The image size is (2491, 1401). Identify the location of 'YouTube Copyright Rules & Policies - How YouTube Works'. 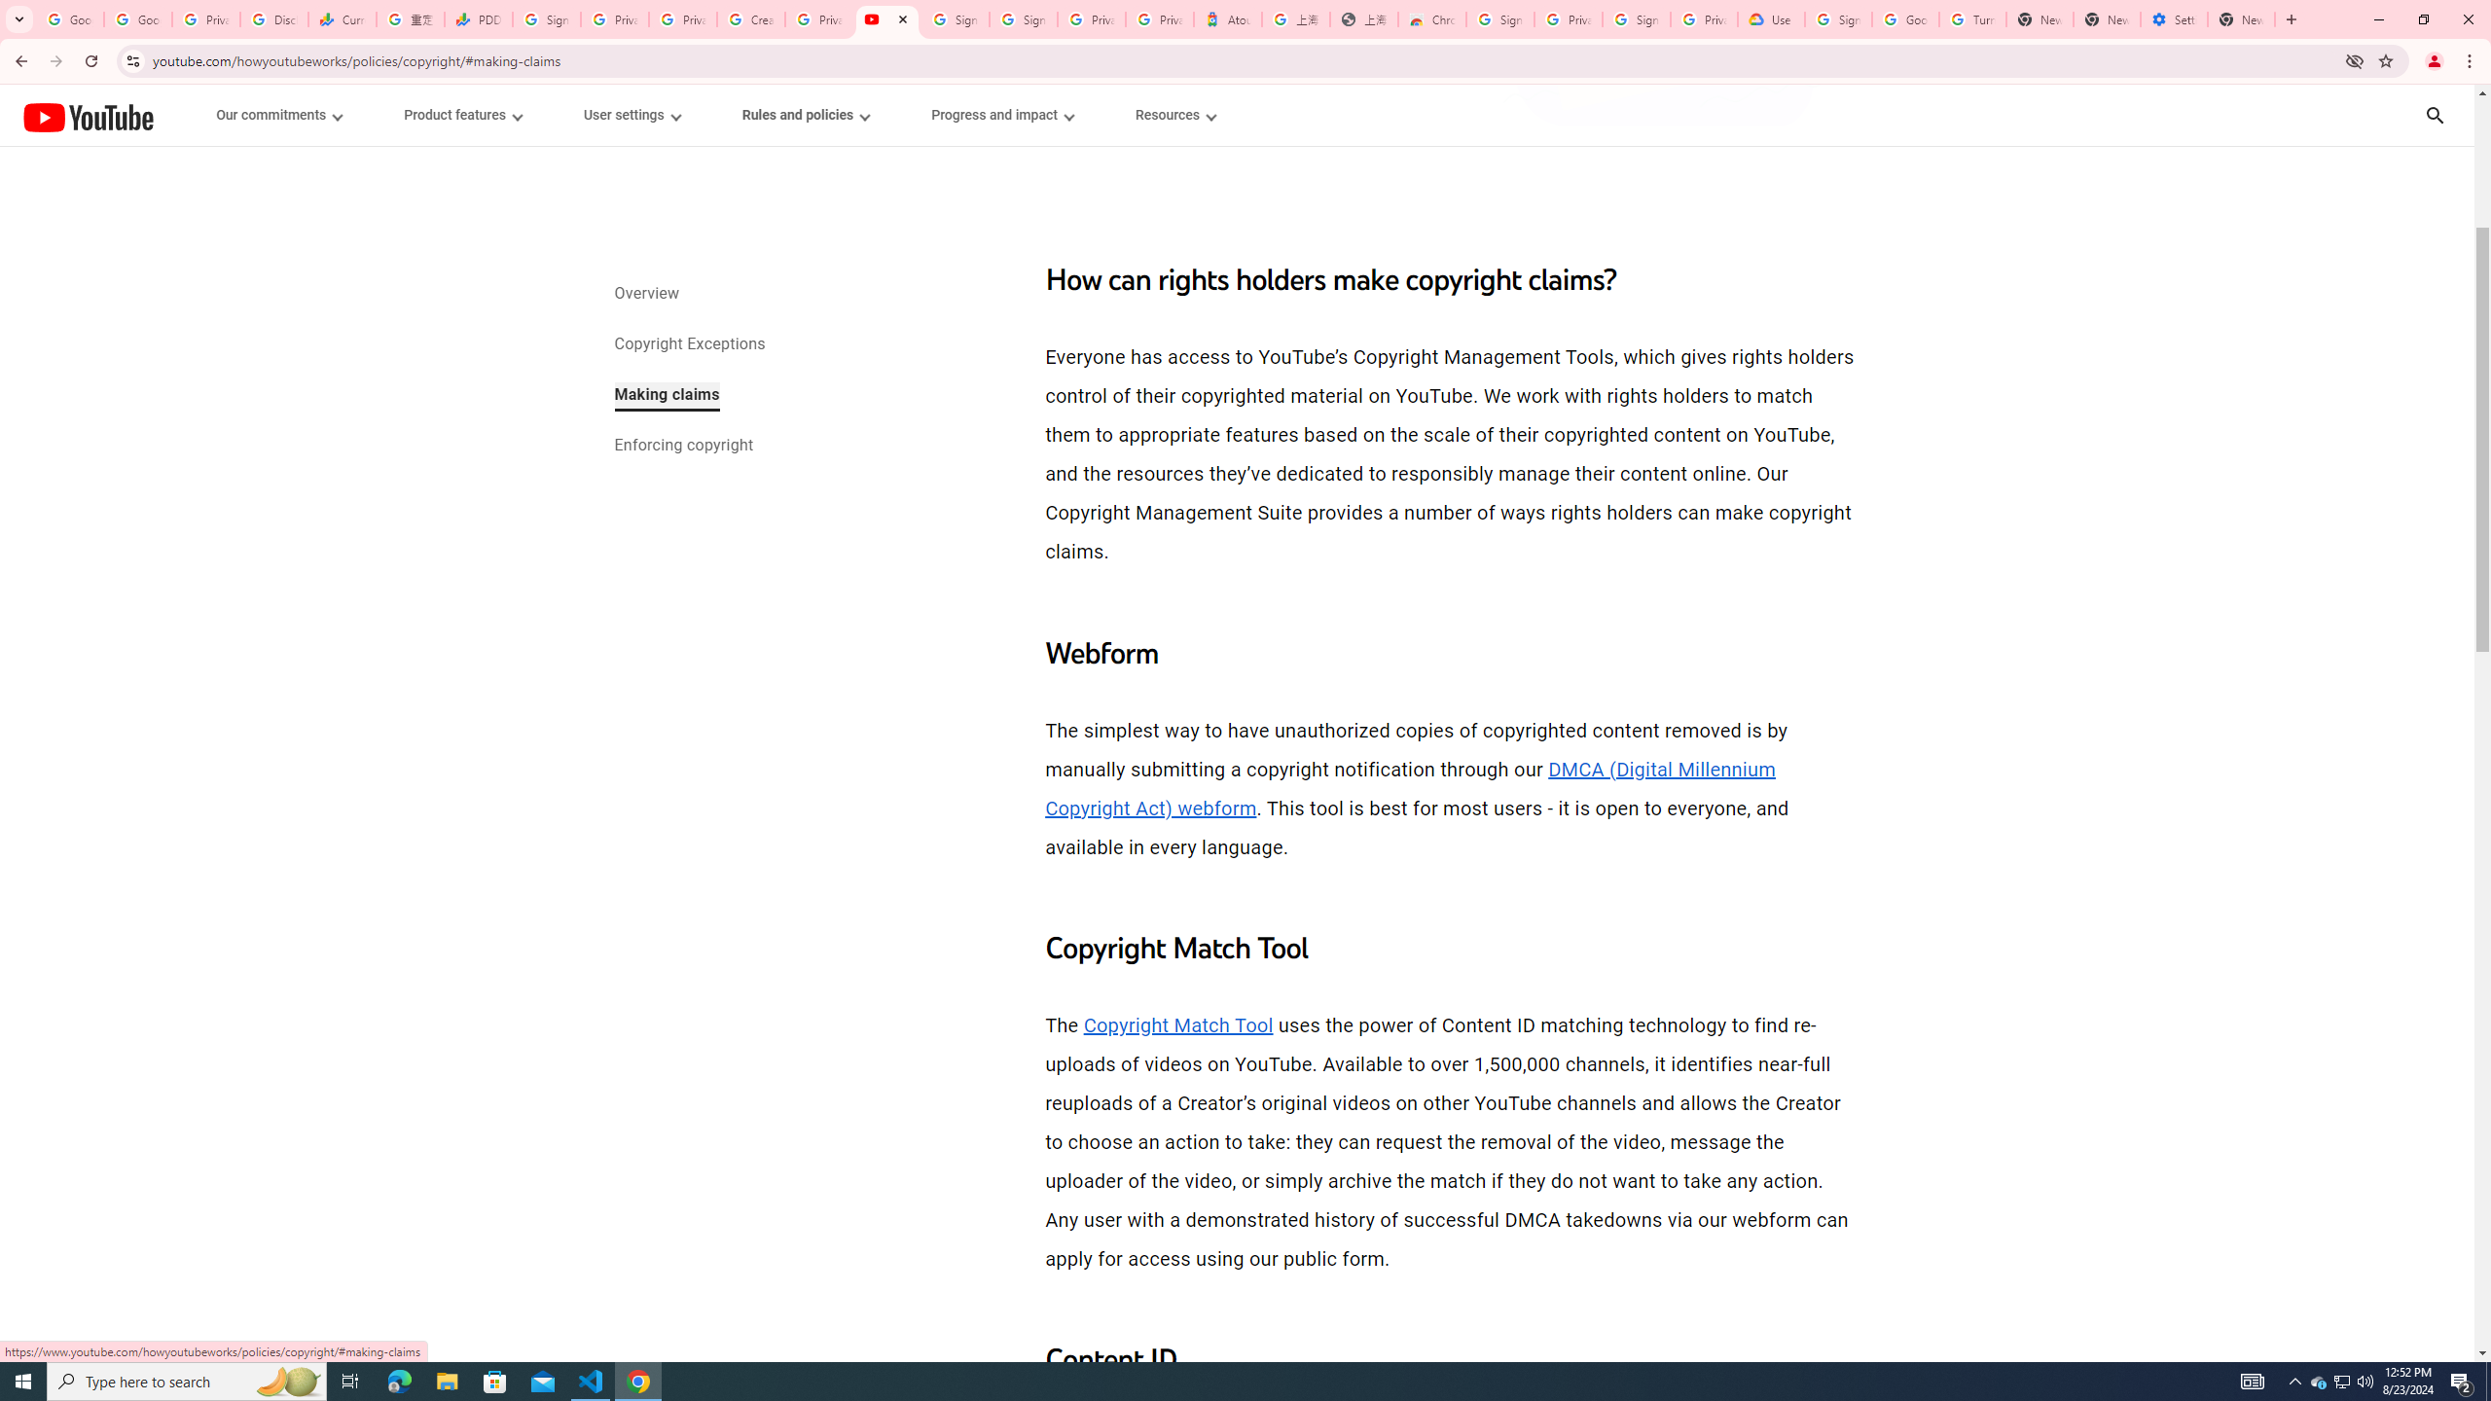
(885, 18).